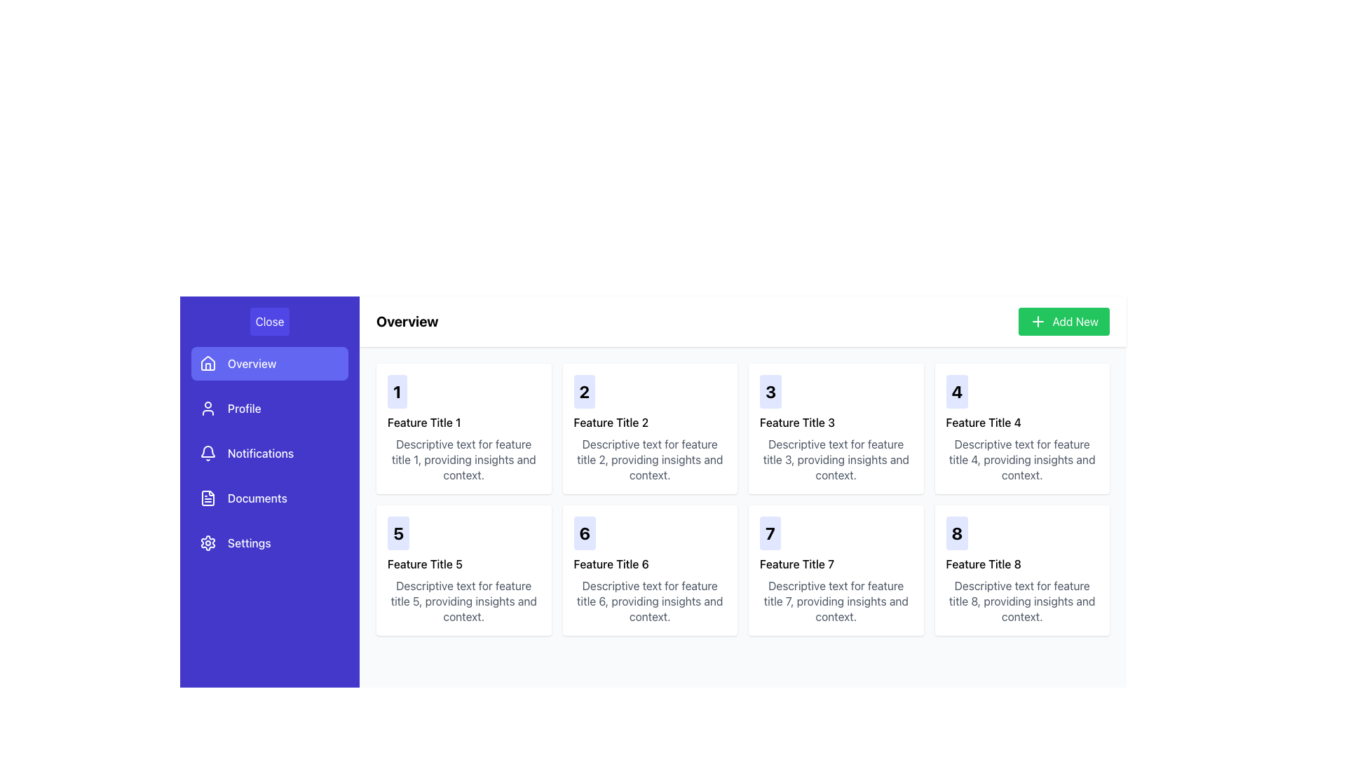 This screenshot has height=757, width=1346. What do you see at coordinates (269, 453) in the screenshot?
I see `the 'Notifications' menu item, which is the third item in the vertical menu` at bounding box center [269, 453].